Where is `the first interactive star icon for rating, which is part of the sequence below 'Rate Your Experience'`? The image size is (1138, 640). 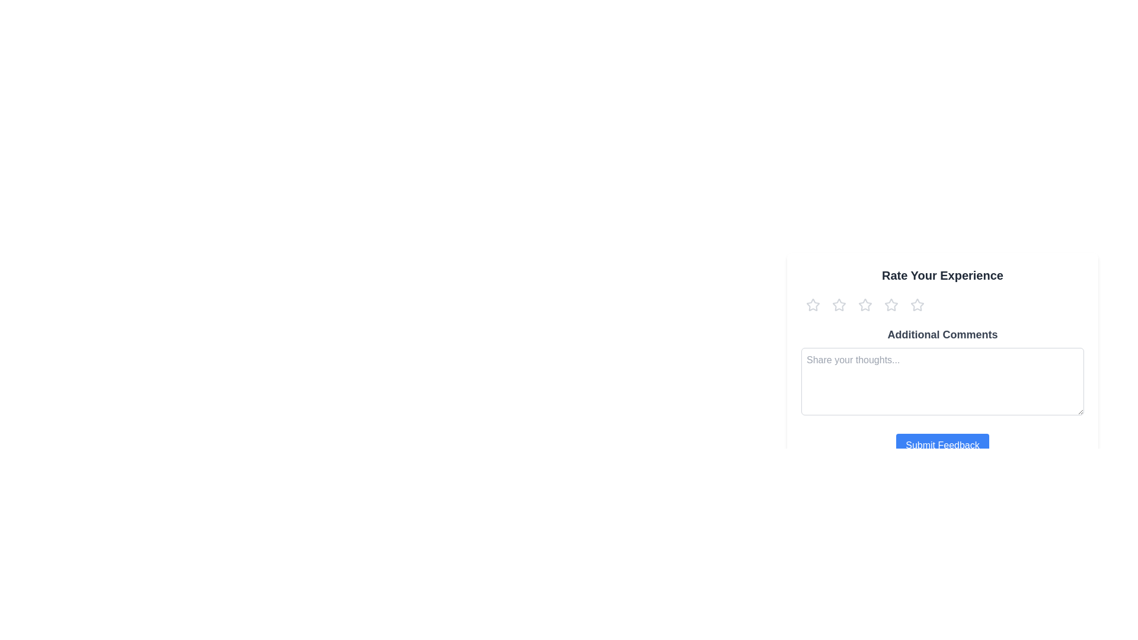 the first interactive star icon for rating, which is part of the sequence below 'Rate Your Experience' is located at coordinates (813, 305).